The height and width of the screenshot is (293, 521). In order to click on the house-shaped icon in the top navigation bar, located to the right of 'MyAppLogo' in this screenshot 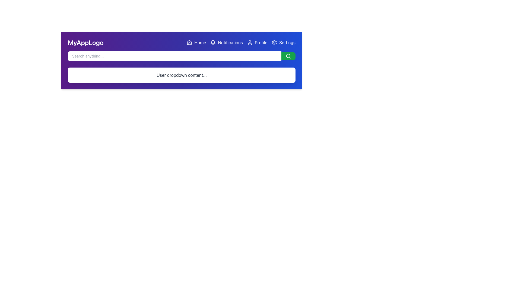, I will do `click(189, 42)`.